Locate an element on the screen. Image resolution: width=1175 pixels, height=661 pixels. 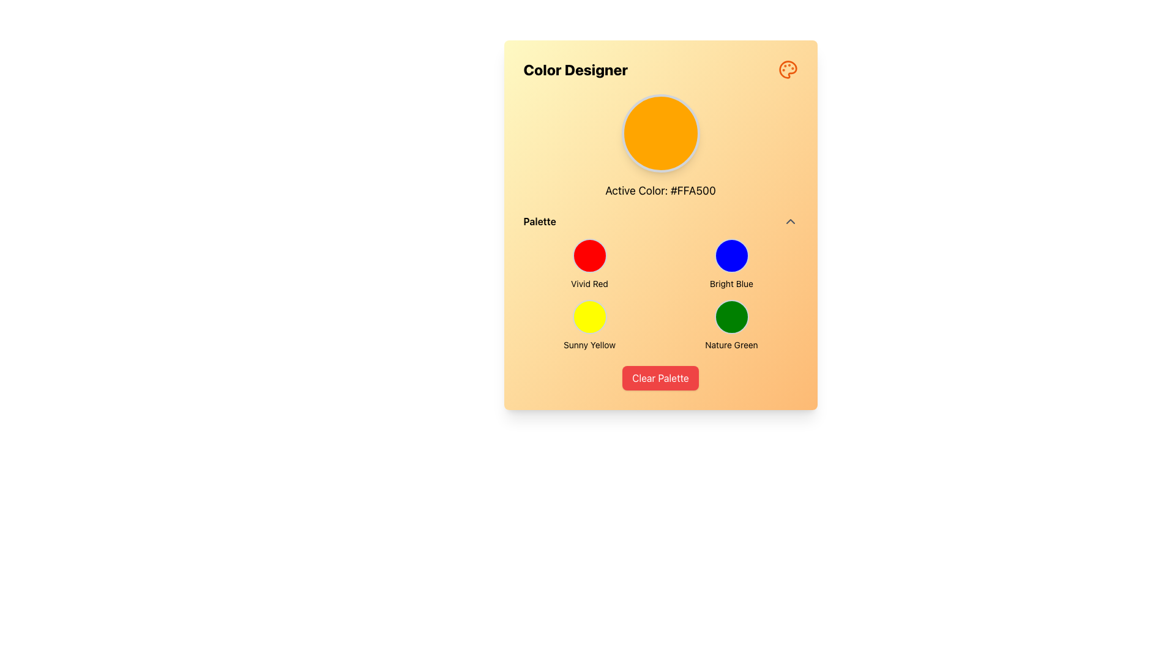
the Static Text element labeled 'Color Designer', which is styled in bold and large font at the top-left area of the interface is located at coordinates (575, 70).